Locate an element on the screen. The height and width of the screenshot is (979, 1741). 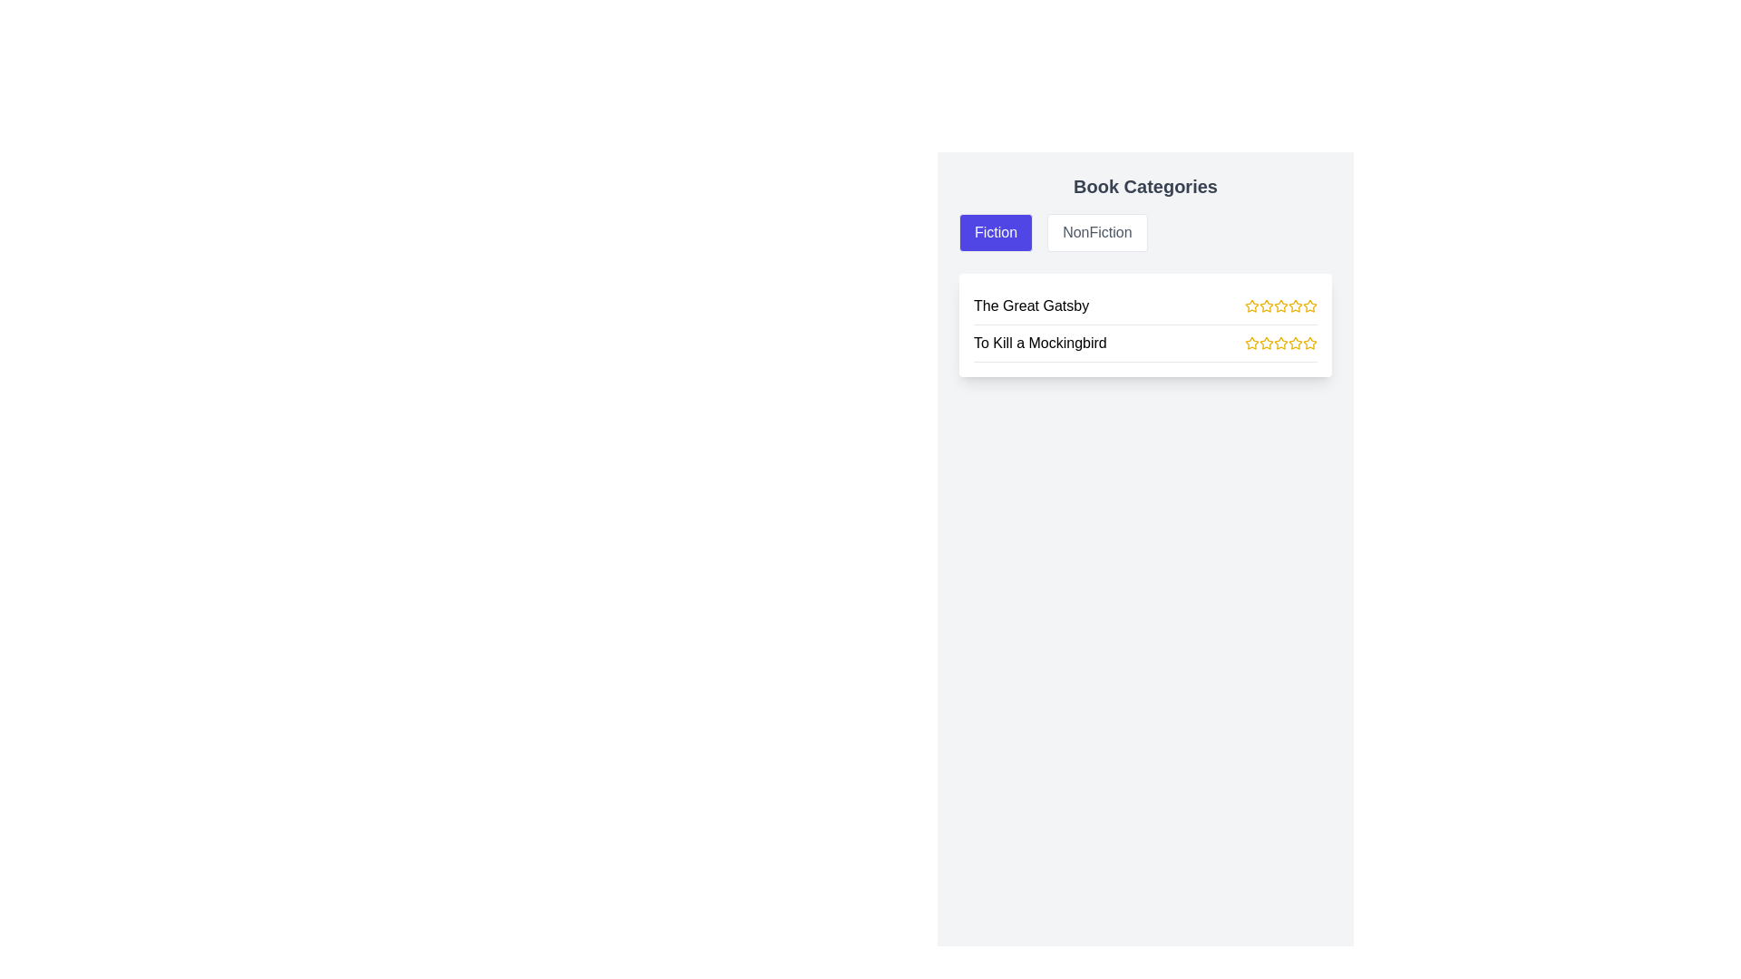
the first star icon in the rating system for 'The Great Gatsby' to rate it is located at coordinates (1250, 304).